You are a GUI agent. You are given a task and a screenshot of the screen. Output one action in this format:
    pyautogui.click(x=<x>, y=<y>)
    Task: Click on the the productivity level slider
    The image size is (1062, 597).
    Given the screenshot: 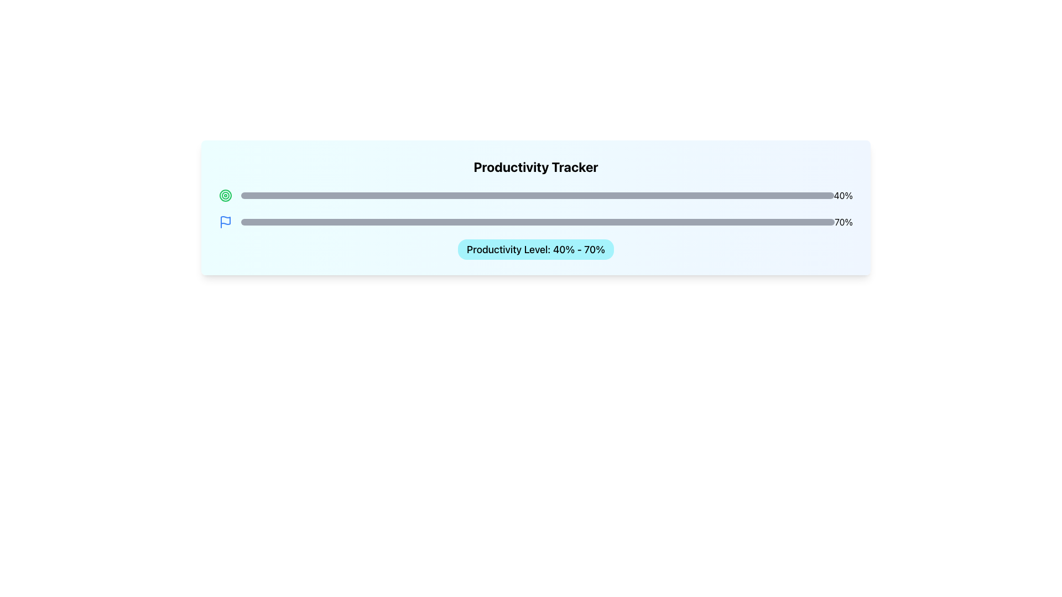 What is the action you would take?
    pyautogui.click(x=596, y=195)
    